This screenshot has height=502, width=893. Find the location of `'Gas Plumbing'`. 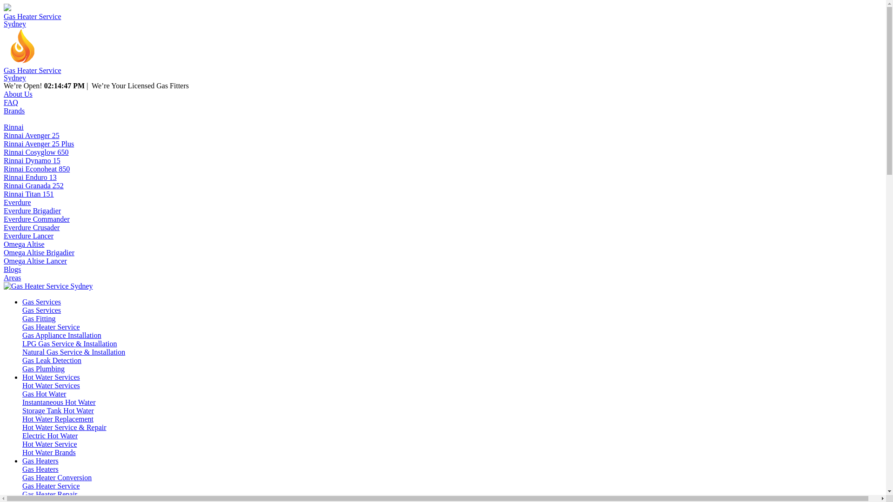

'Gas Plumbing' is located at coordinates (43, 368).